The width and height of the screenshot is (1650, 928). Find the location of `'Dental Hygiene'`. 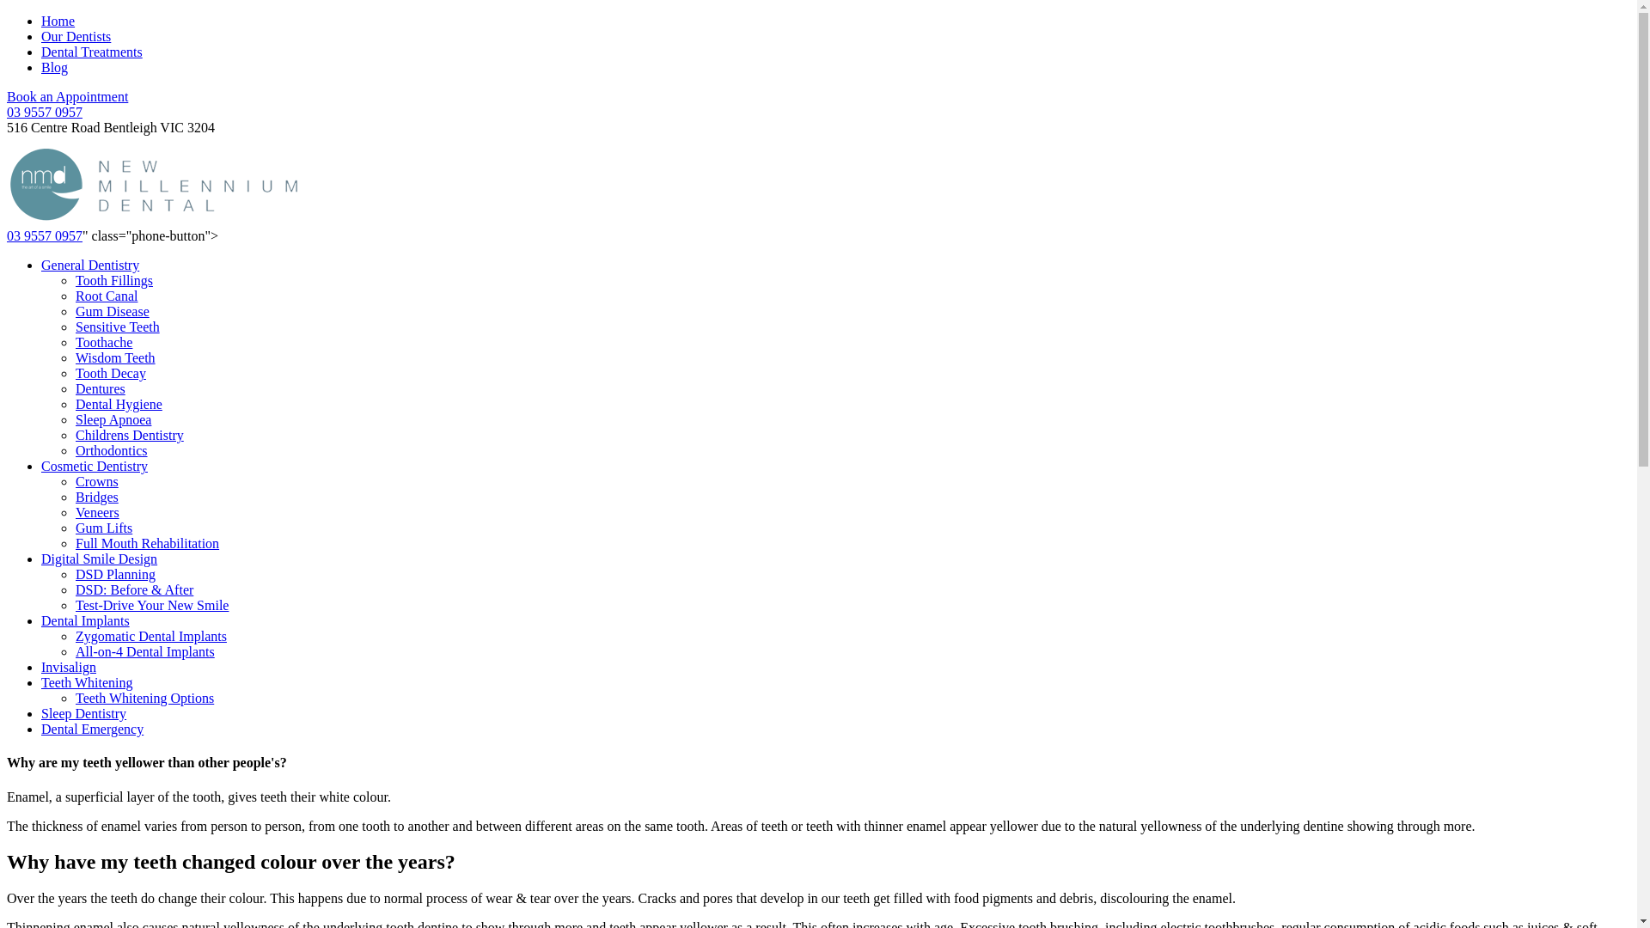

'Dental Hygiene' is located at coordinates (118, 404).